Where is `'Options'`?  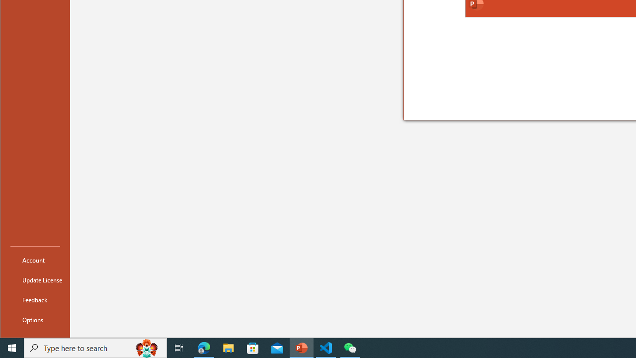
'Options' is located at coordinates (35, 319).